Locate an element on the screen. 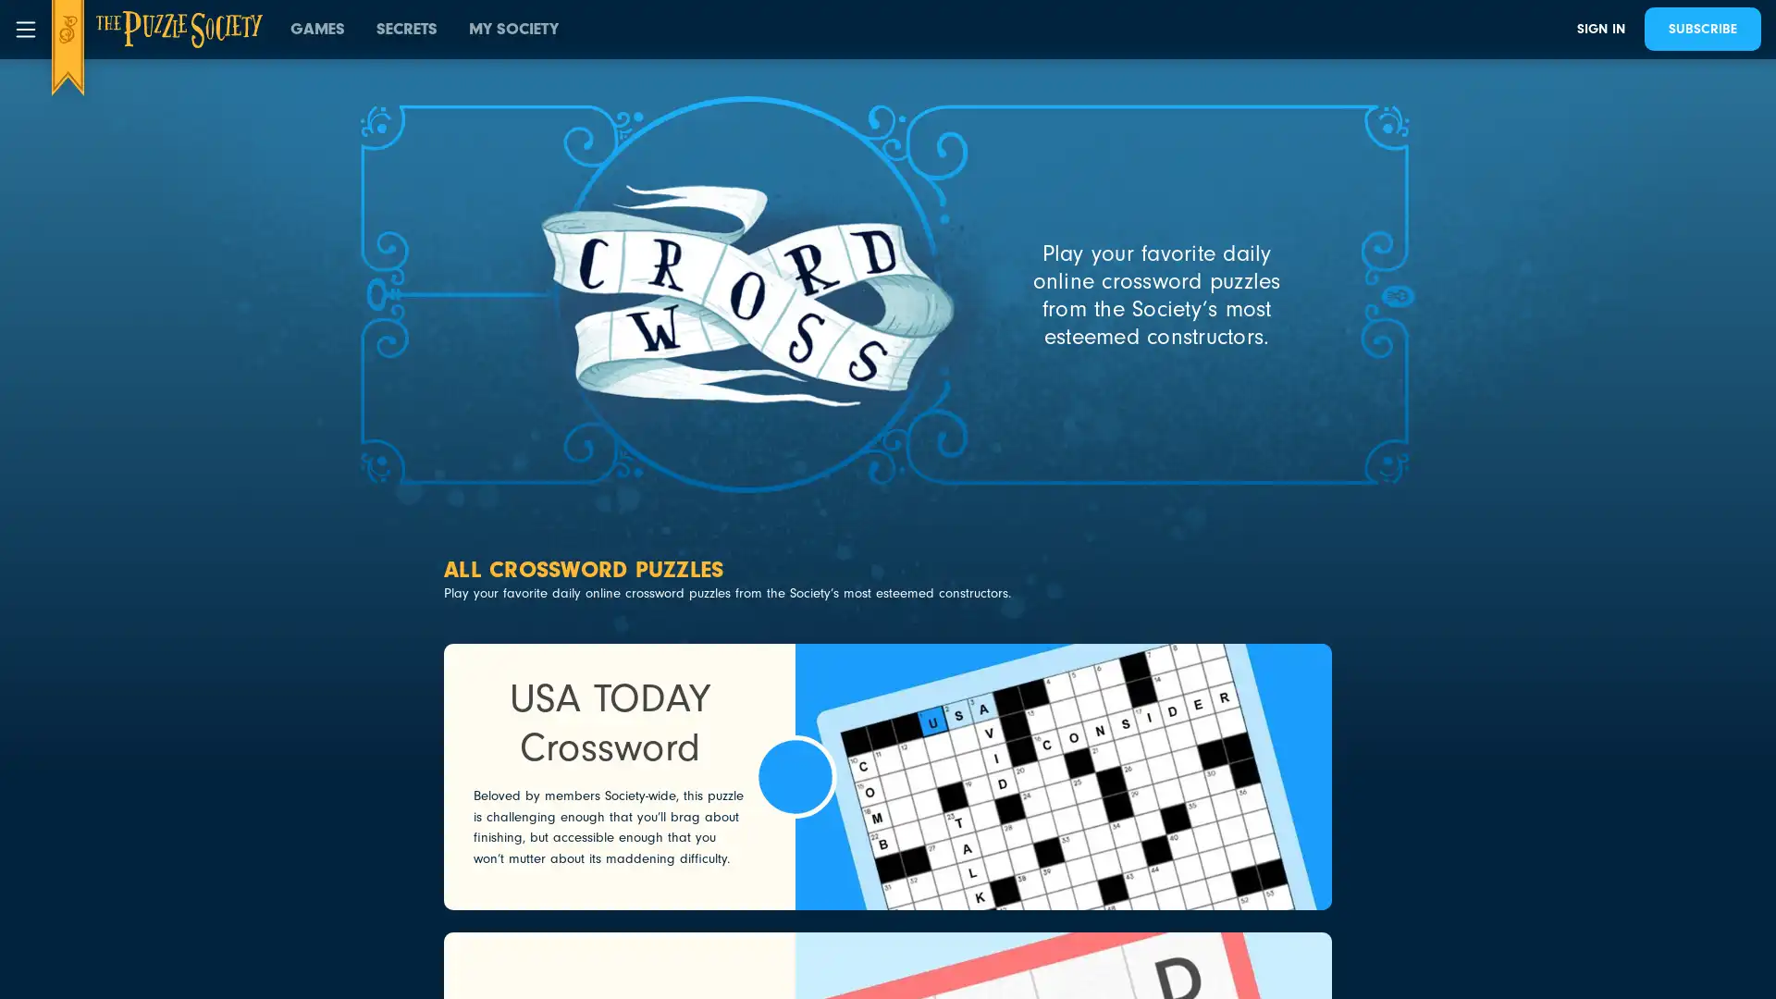 This screenshot has height=999, width=1776. SUBSCRIBE is located at coordinates (1702, 29).